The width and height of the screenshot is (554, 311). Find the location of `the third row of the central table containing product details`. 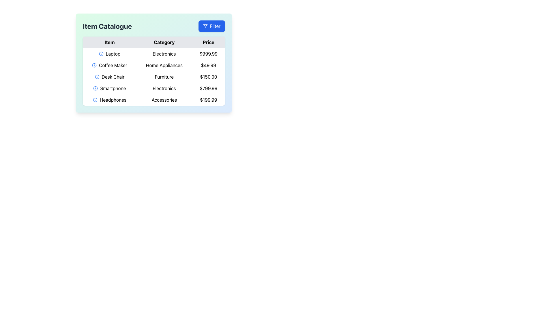

the third row of the central table containing product details is located at coordinates (154, 76).